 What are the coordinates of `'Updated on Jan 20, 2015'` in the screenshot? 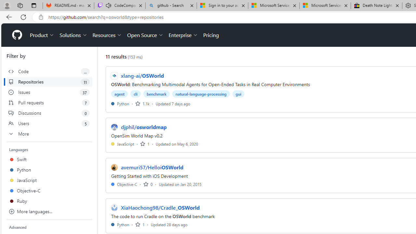 It's located at (180, 184).